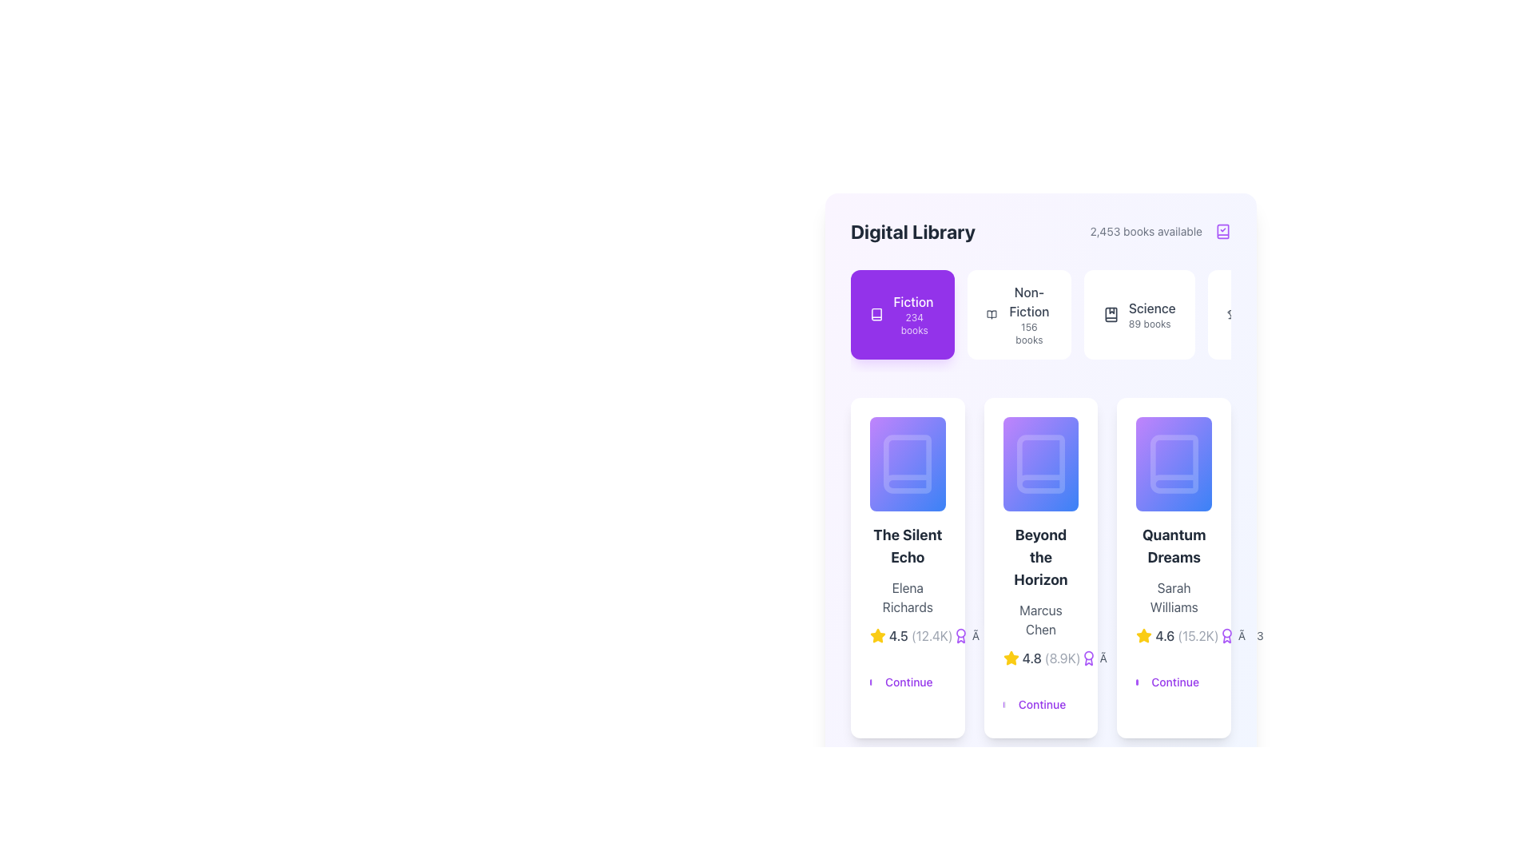  Describe the element at coordinates (908, 464) in the screenshot. I see `the Progress display with textual information within 'The Silent Echo' card in the Digital Library section to visually represent the book completion progress` at that location.